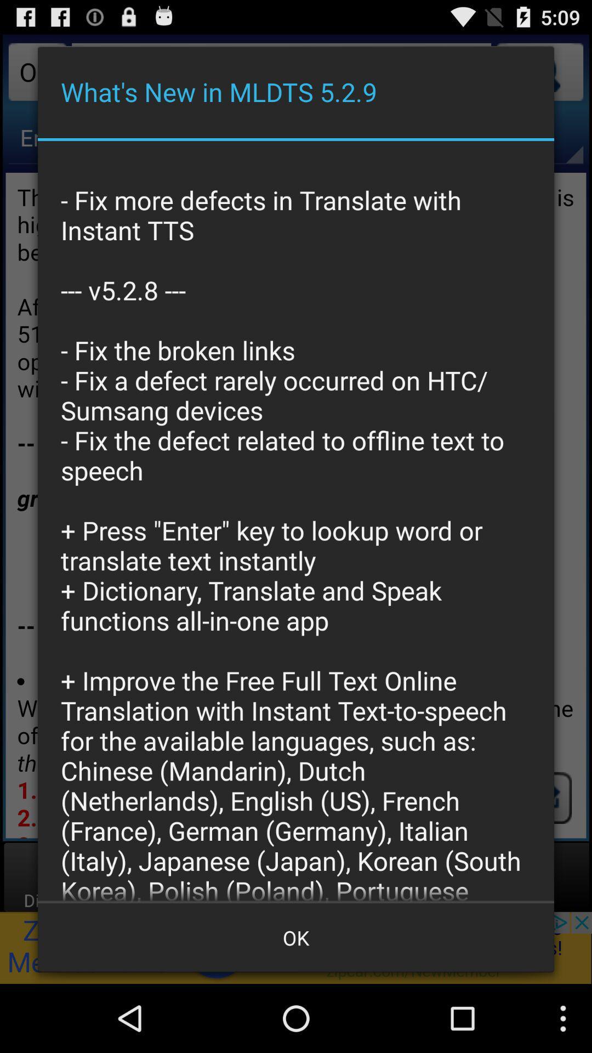 Image resolution: width=592 pixels, height=1053 pixels. I want to click on the item below the fix more defects item, so click(296, 937).